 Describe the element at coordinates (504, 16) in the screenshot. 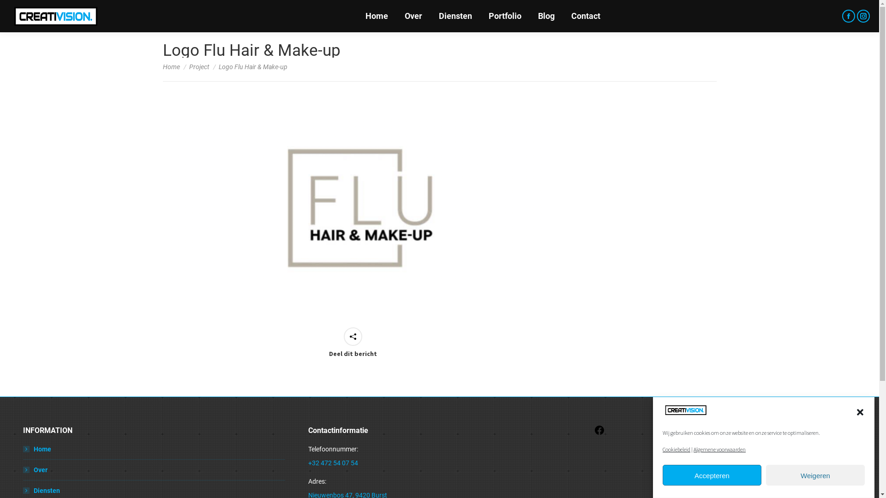

I see `'Portfolio'` at that location.